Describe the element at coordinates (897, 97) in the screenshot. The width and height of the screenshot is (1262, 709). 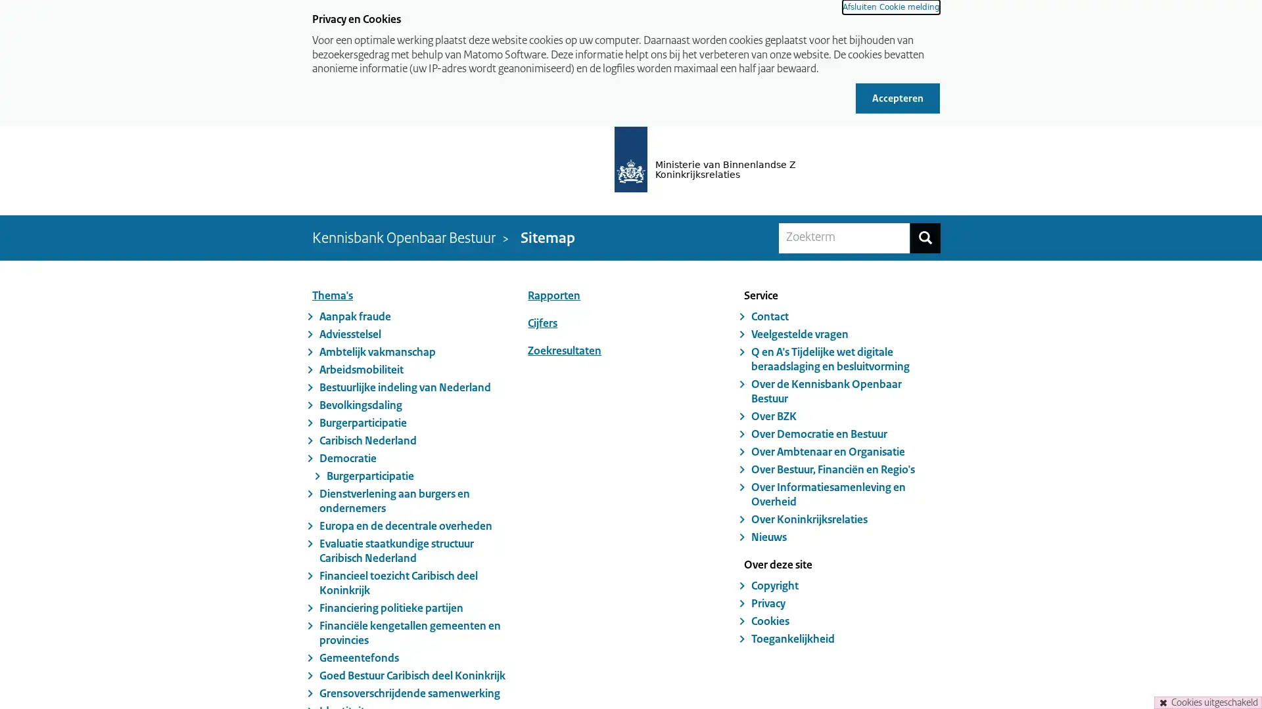
I see `Accepteren` at that location.